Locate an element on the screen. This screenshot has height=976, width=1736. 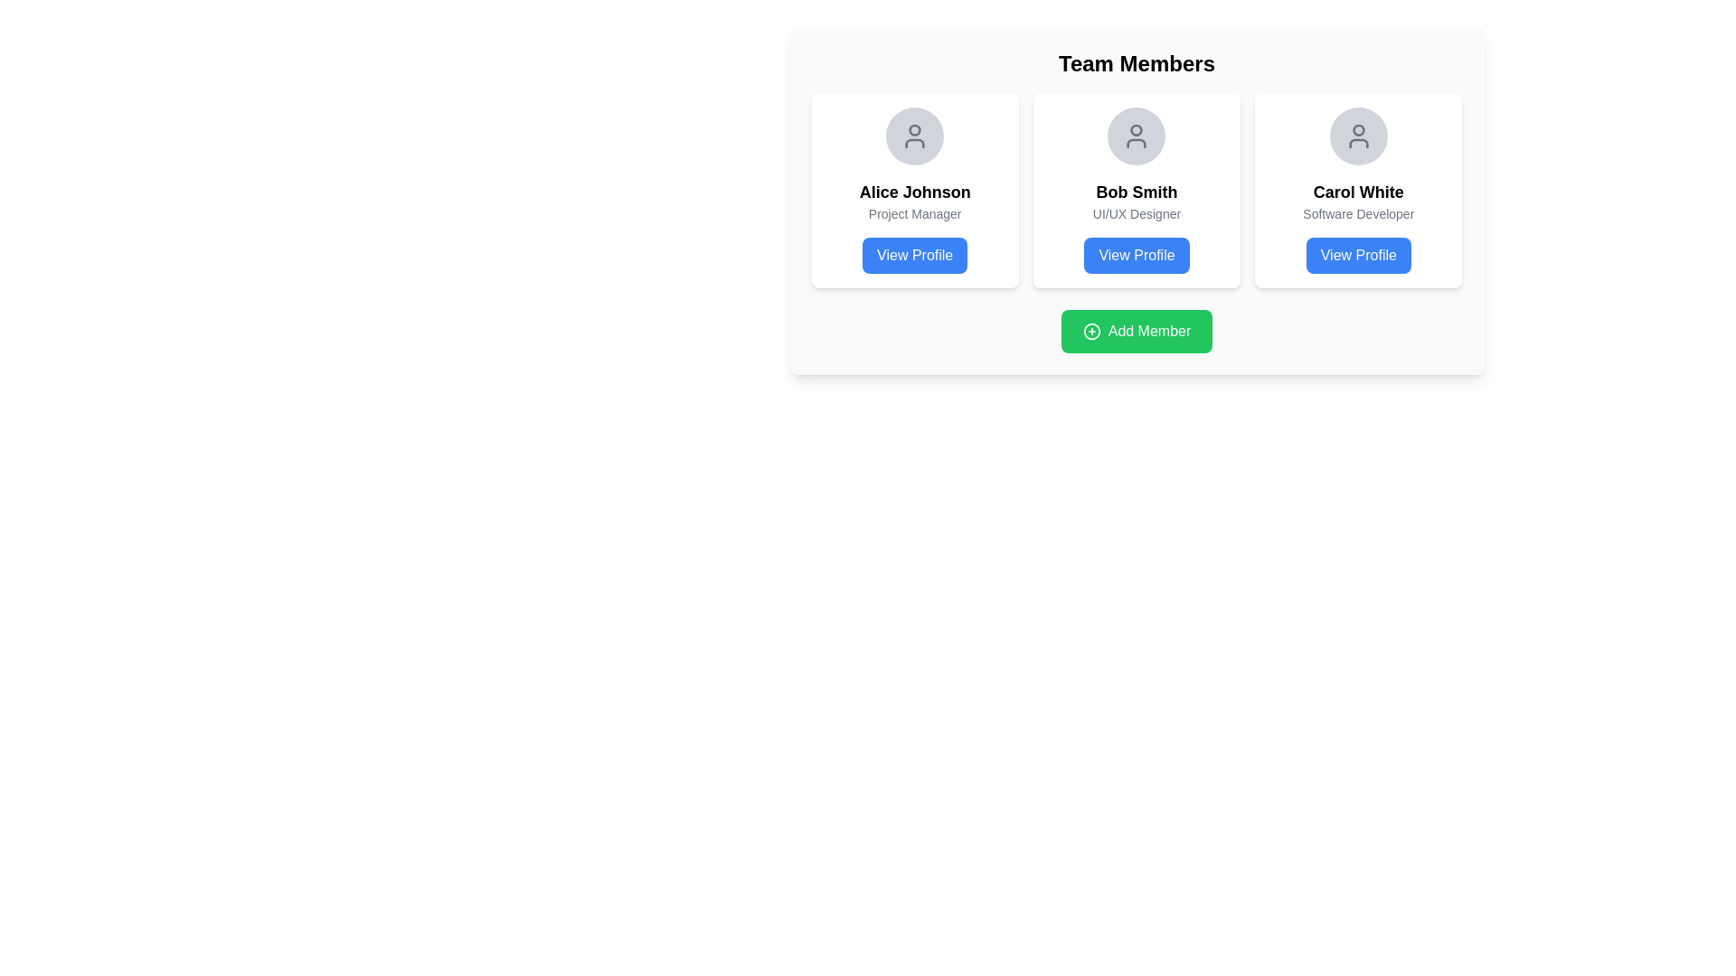
the 'UI/UX Designer' text label displayed in a small, gray font, located under the name 'Bob Smith' and above the 'View Profile' button in the second column of the 'Team Members' section is located at coordinates (1136, 212).